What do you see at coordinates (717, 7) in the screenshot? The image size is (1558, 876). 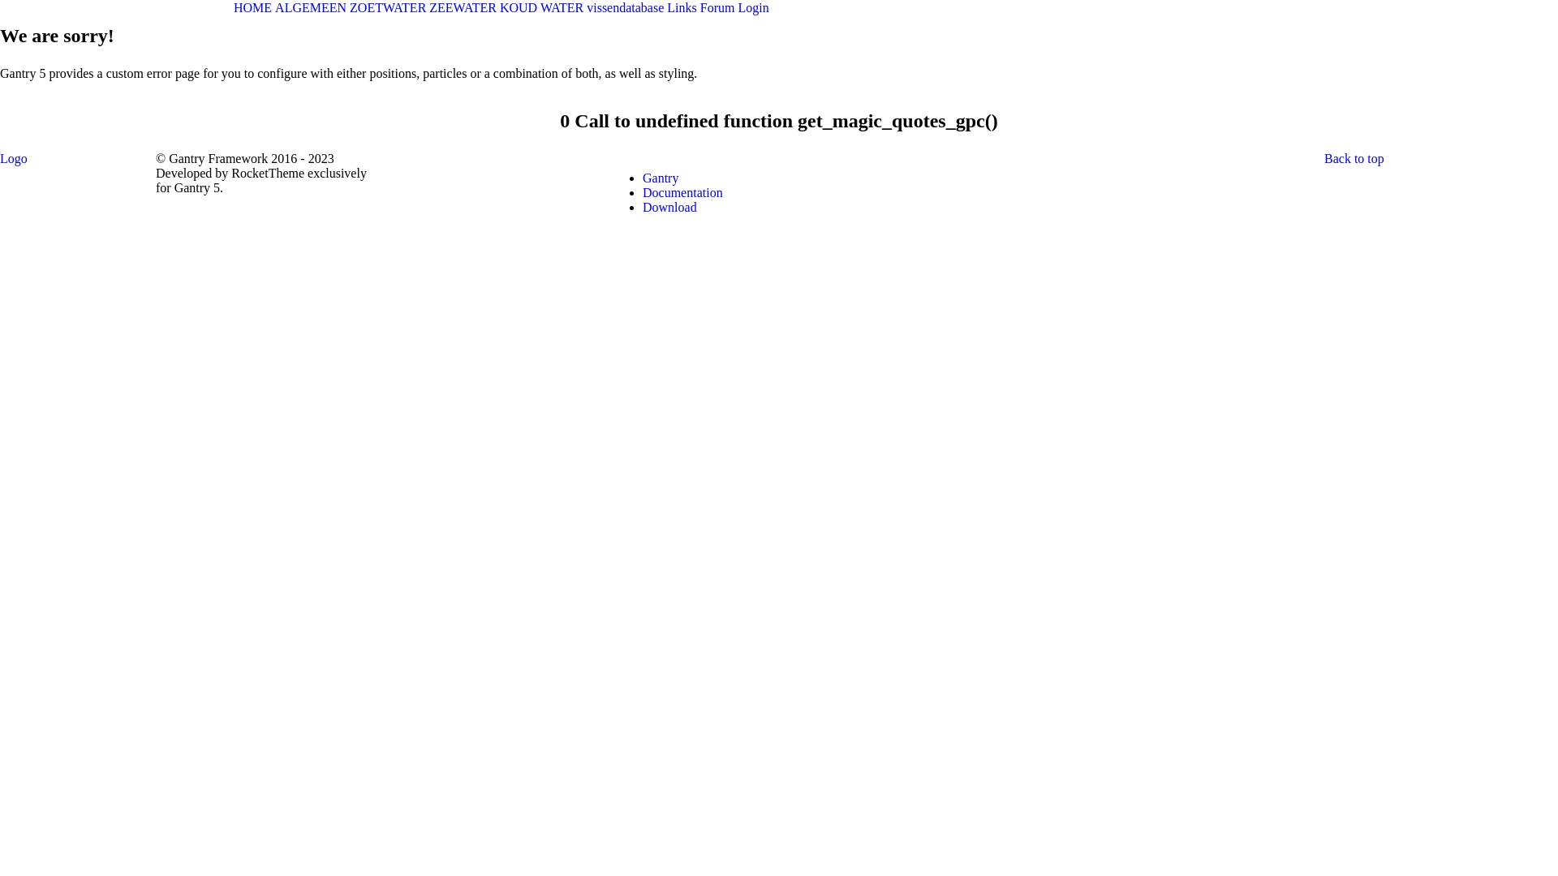 I see `'Forum'` at bounding box center [717, 7].